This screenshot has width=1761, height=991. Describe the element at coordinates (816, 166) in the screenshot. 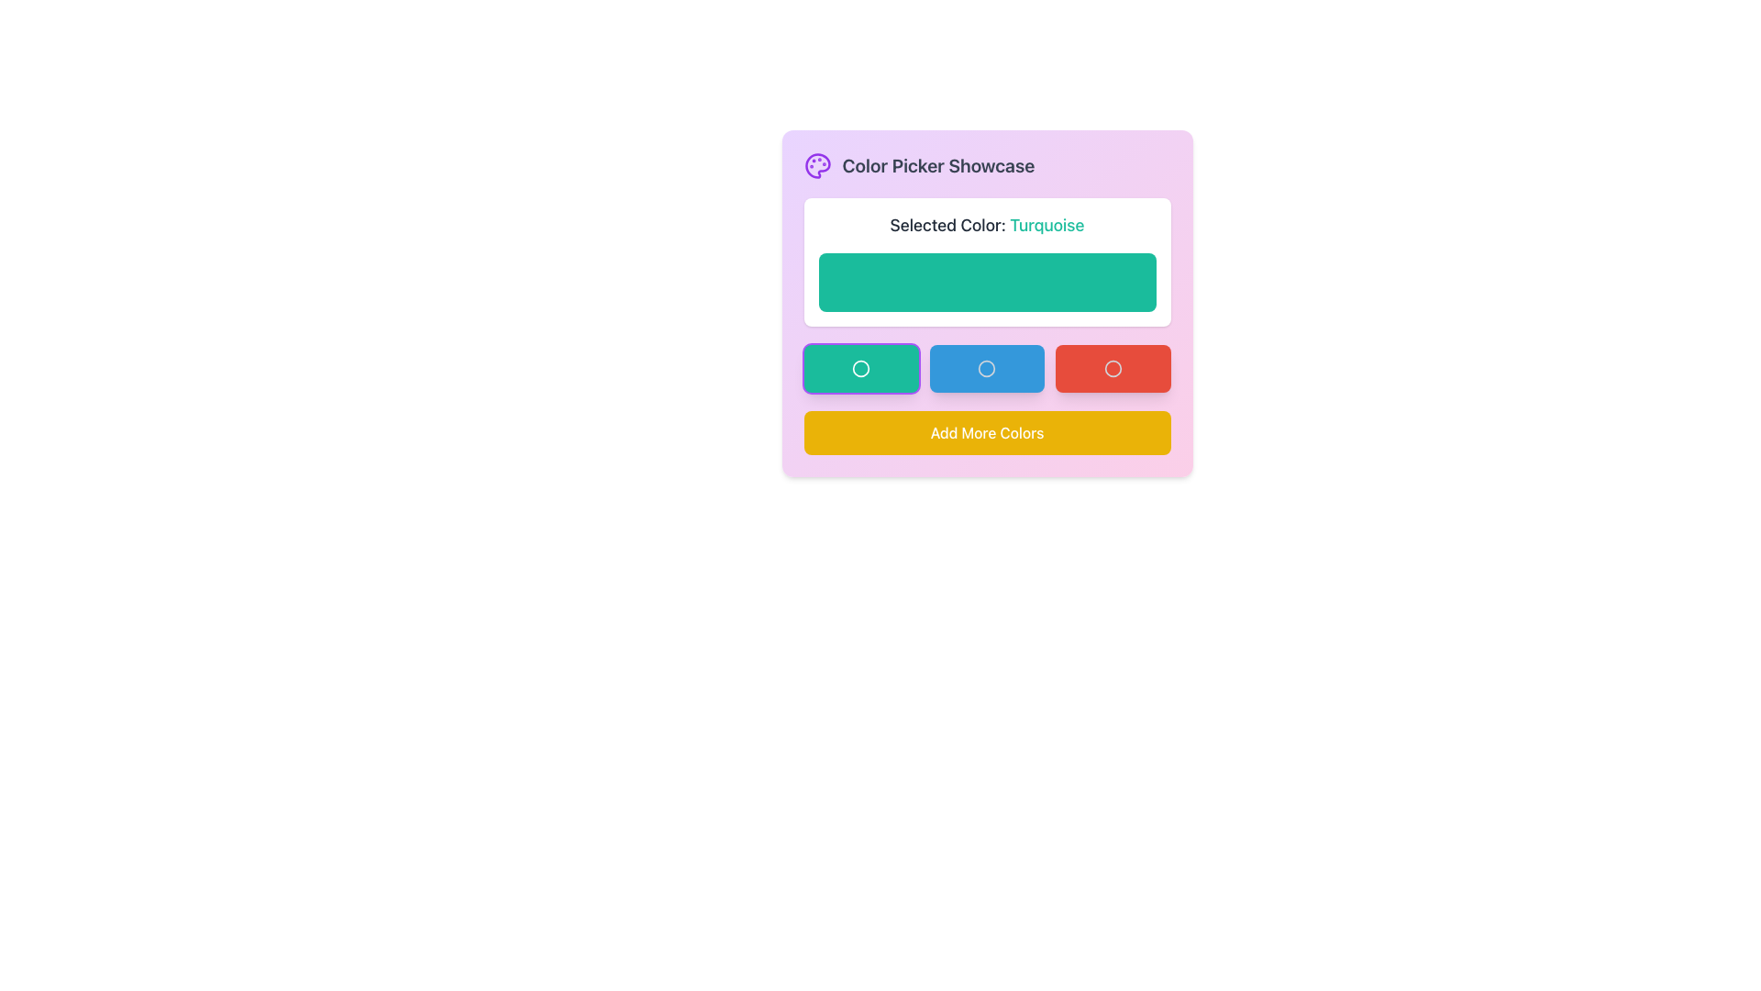

I see `the color palette icon, which is represented by circular shapes and is located to the left of the 'Color Picker Showcase' text` at that location.